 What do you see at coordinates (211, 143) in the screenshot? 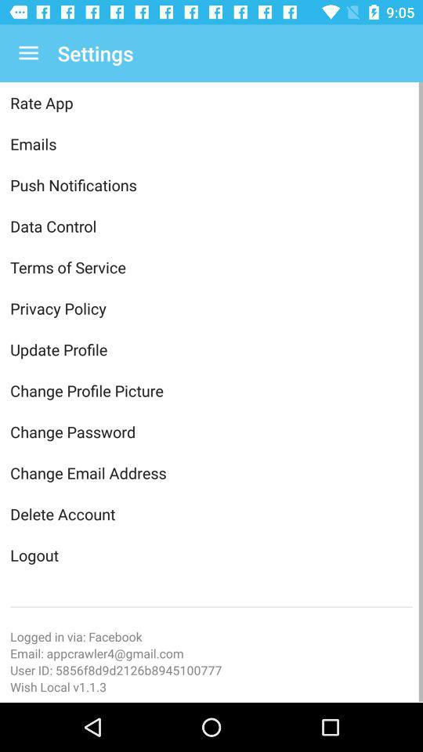
I see `emails item` at bounding box center [211, 143].